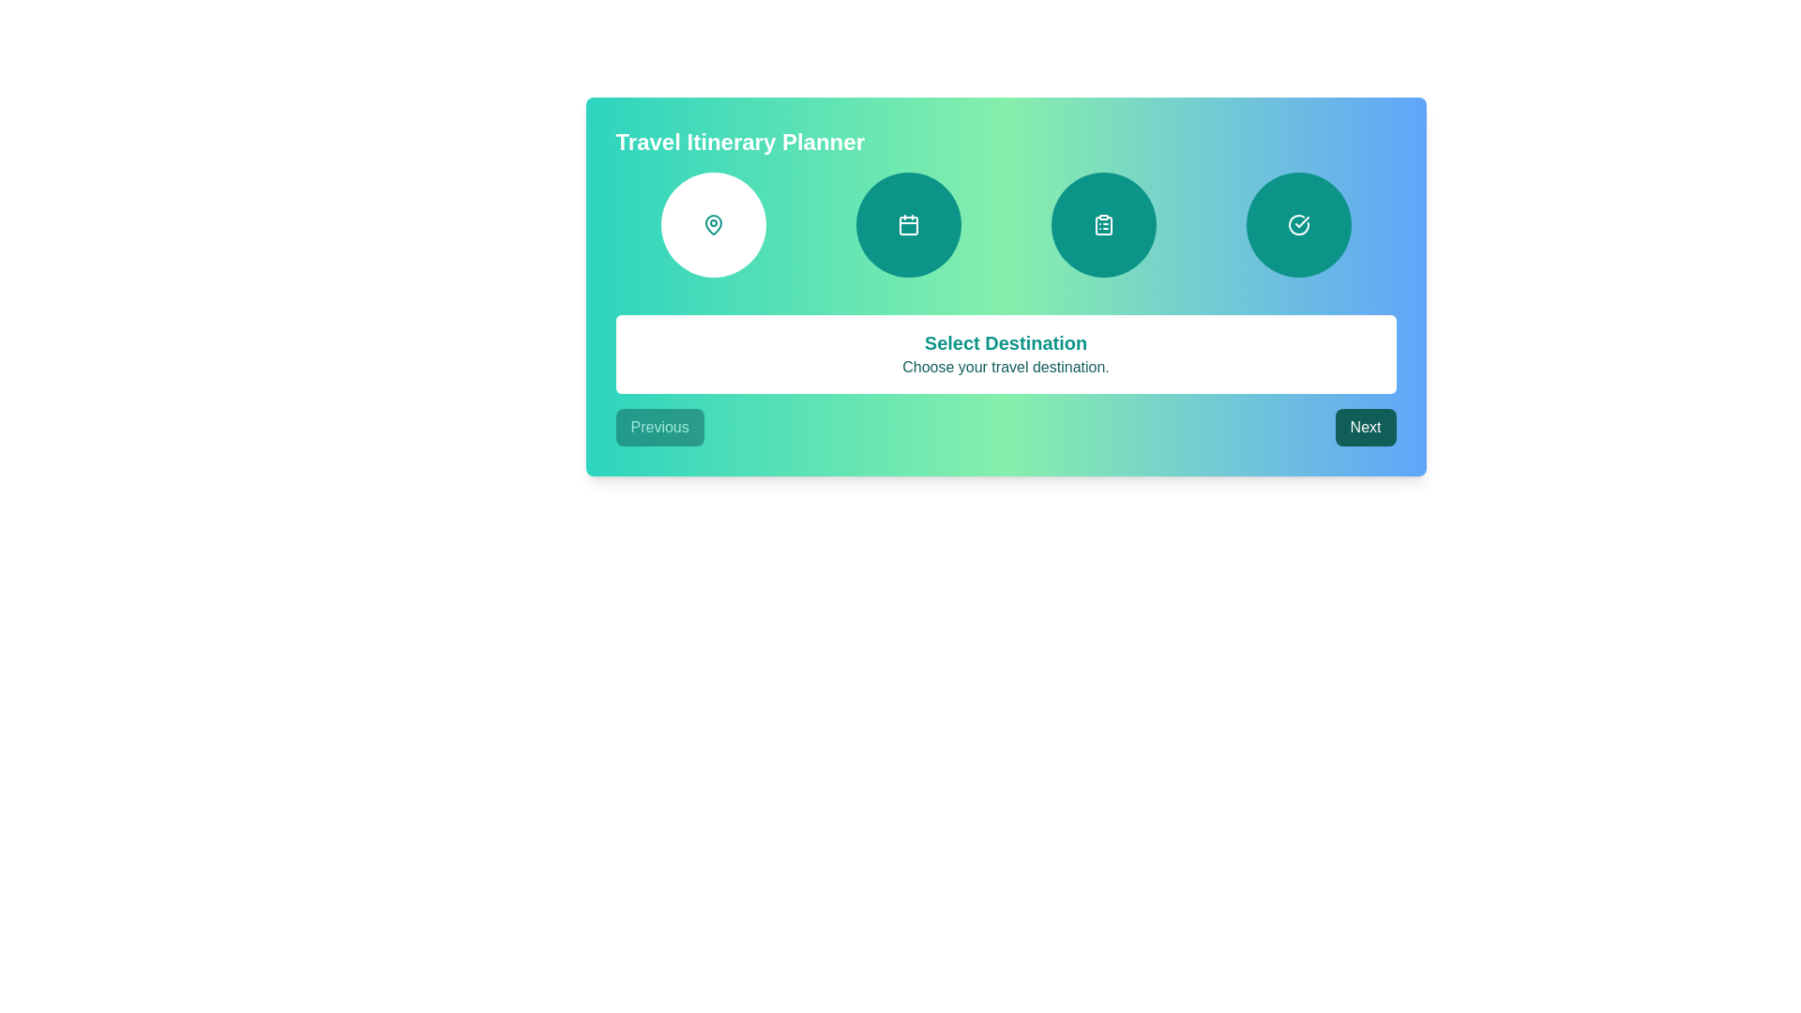 The height and width of the screenshot is (1013, 1801). I want to click on the static text element that reads 'Choose your travel destination.', which is styled in teal color and located below the heading 'Select Destination' on a white panel, so click(1005, 368).